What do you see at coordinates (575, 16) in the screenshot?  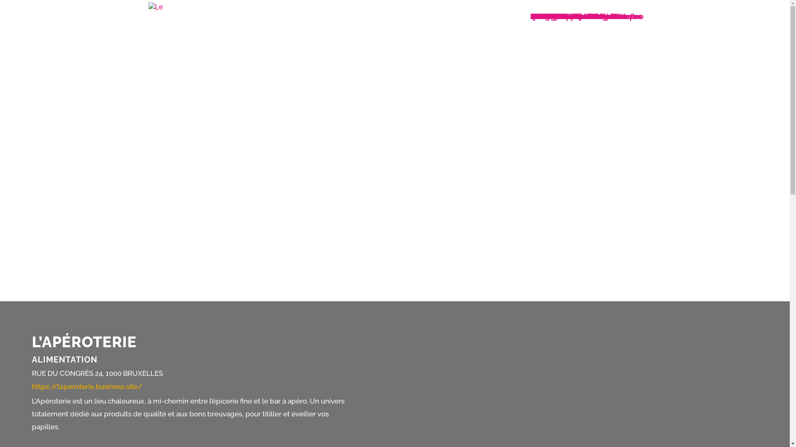 I see `'Sainte-Catherine - Vismet'` at bounding box center [575, 16].